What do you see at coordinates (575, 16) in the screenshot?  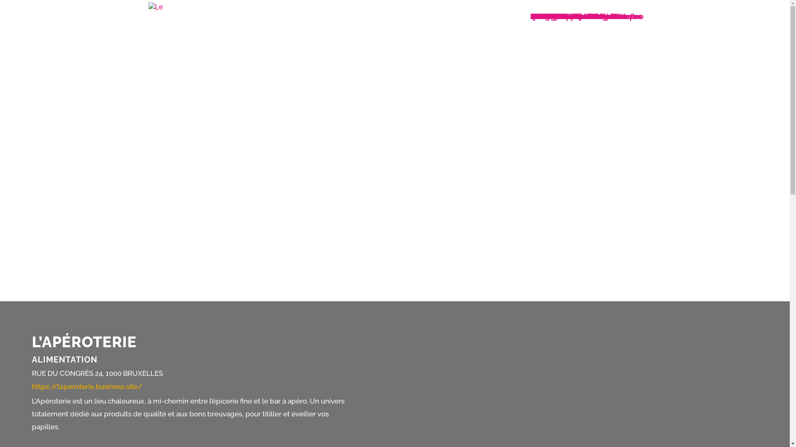 I see `'Sainte-Catherine - Vismet'` at bounding box center [575, 16].